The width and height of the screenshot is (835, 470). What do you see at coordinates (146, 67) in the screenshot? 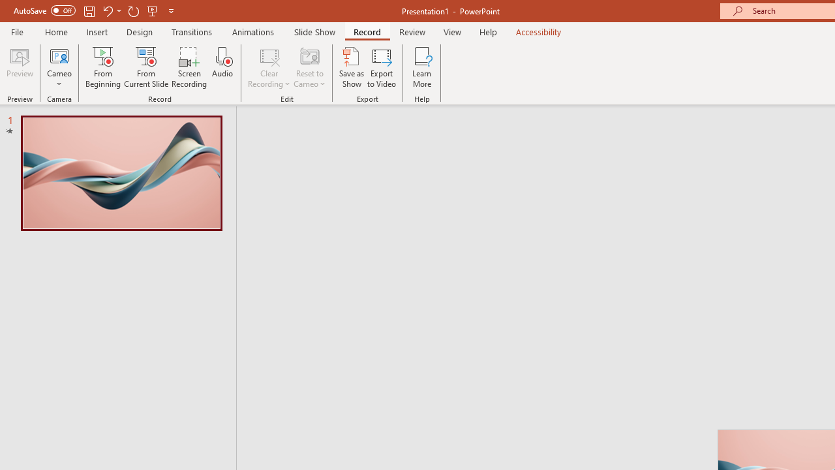
I see `'From Current Slide...'` at bounding box center [146, 67].